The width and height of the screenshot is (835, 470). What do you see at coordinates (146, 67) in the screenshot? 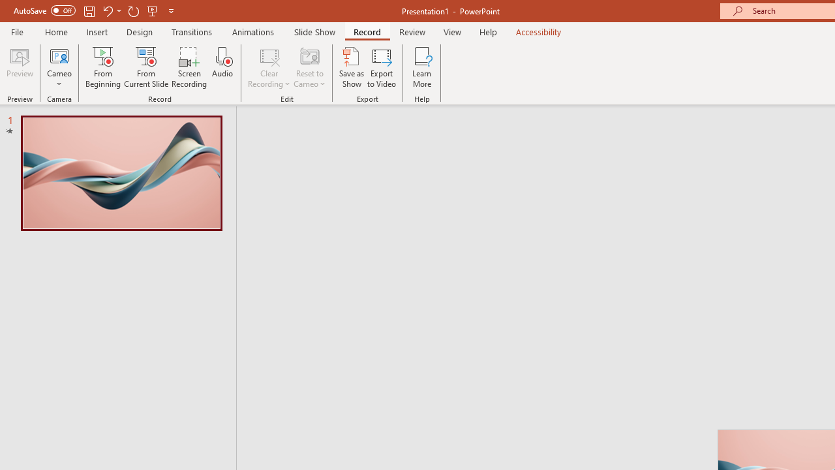
I see `'From Current Slide...'` at bounding box center [146, 67].